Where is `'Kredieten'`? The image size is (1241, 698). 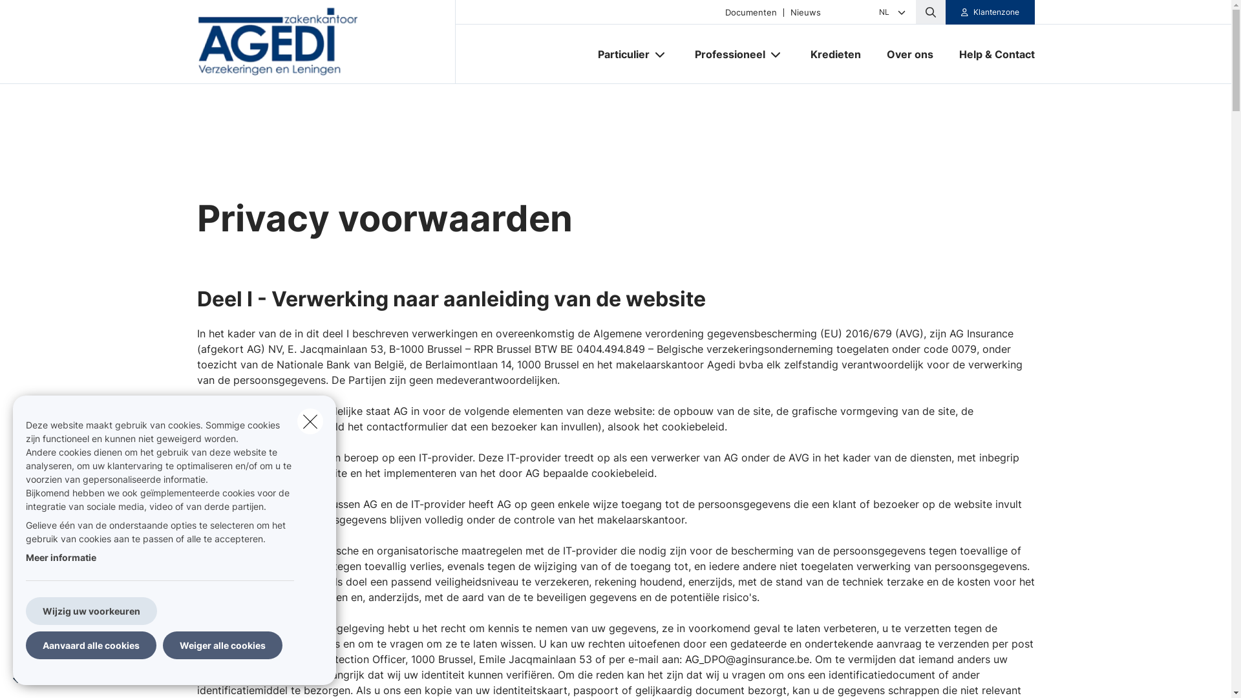 'Kredieten' is located at coordinates (796, 54).